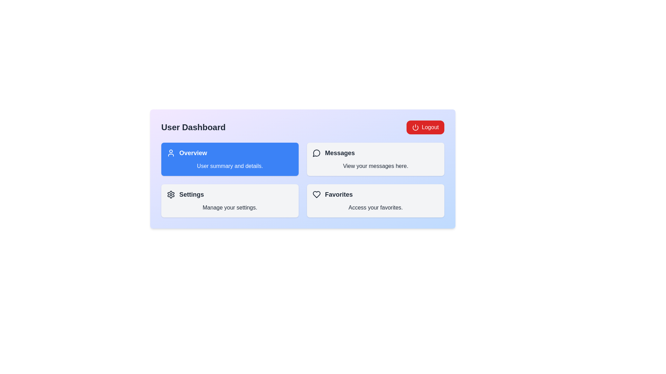 Image resolution: width=666 pixels, height=374 pixels. I want to click on the 'Favorites' section icon, which serves as a visual marker for easy identification of this section, so click(316, 195).